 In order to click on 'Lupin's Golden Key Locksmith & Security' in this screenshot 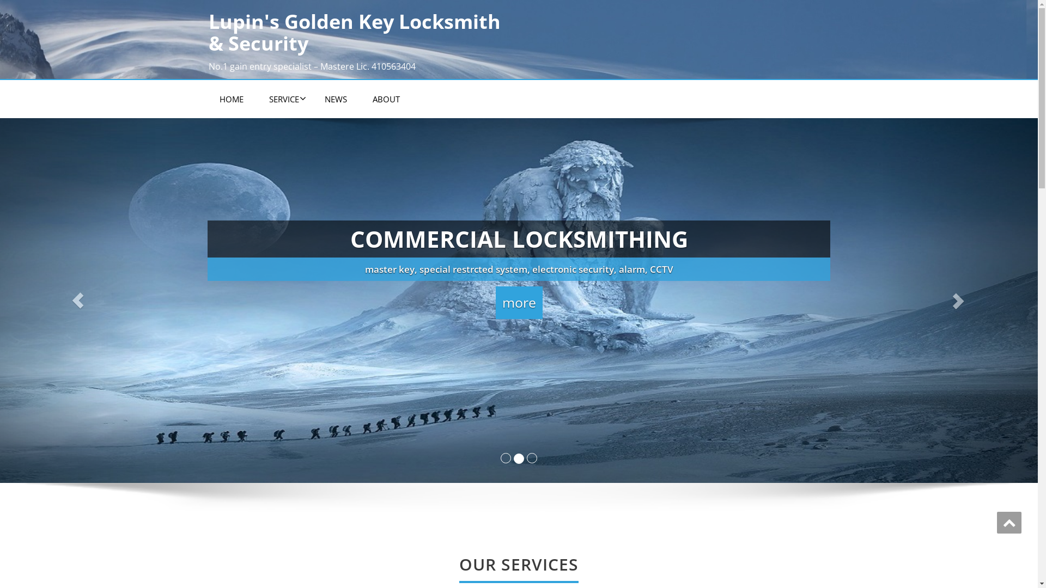, I will do `click(359, 32)`.